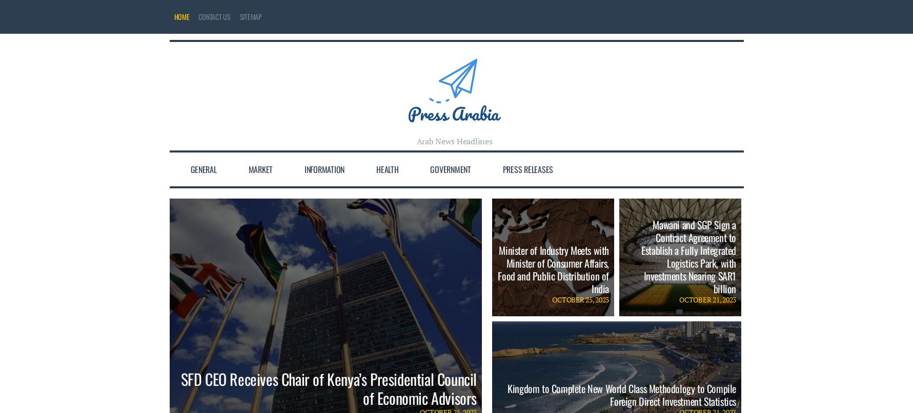 Image resolution: width=913 pixels, height=413 pixels. What do you see at coordinates (622, 195) in the screenshot?
I see `'Kingdom to Complete New World Class Methodology to Compile Foreign Direct Investment Statistics'` at bounding box center [622, 195].